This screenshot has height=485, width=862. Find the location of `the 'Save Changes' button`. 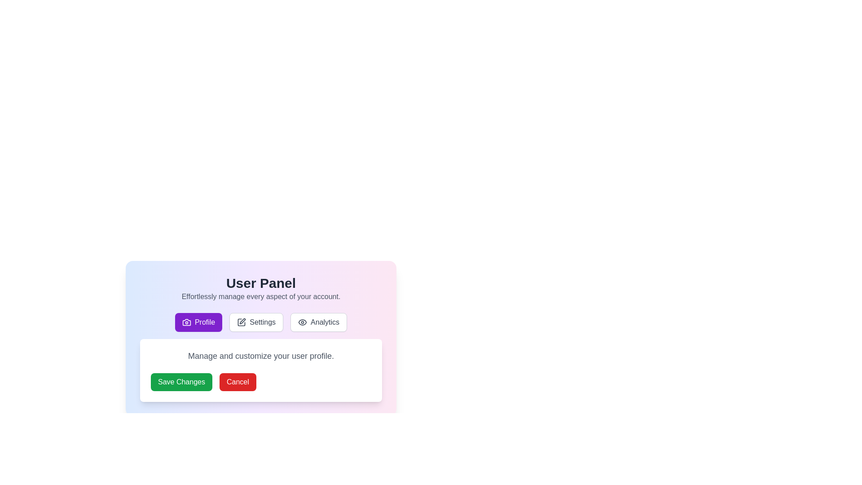

the 'Save Changes' button is located at coordinates (181, 382).